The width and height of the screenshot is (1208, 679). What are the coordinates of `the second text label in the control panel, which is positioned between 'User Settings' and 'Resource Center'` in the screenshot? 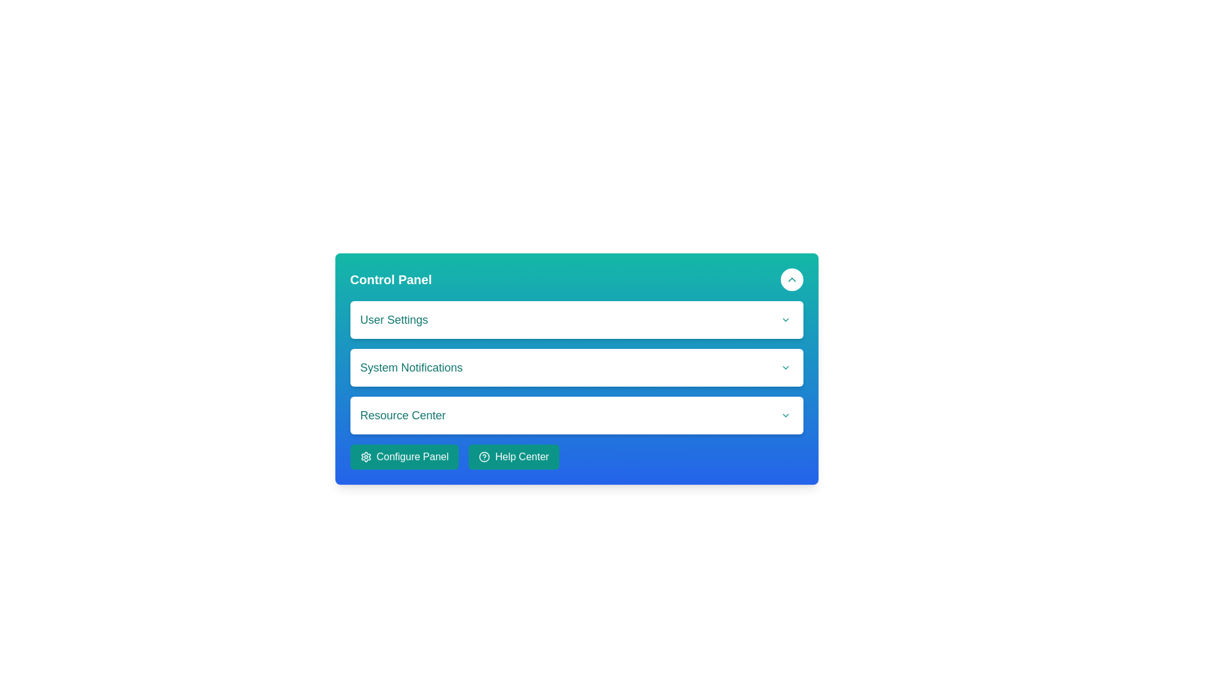 It's located at (411, 368).